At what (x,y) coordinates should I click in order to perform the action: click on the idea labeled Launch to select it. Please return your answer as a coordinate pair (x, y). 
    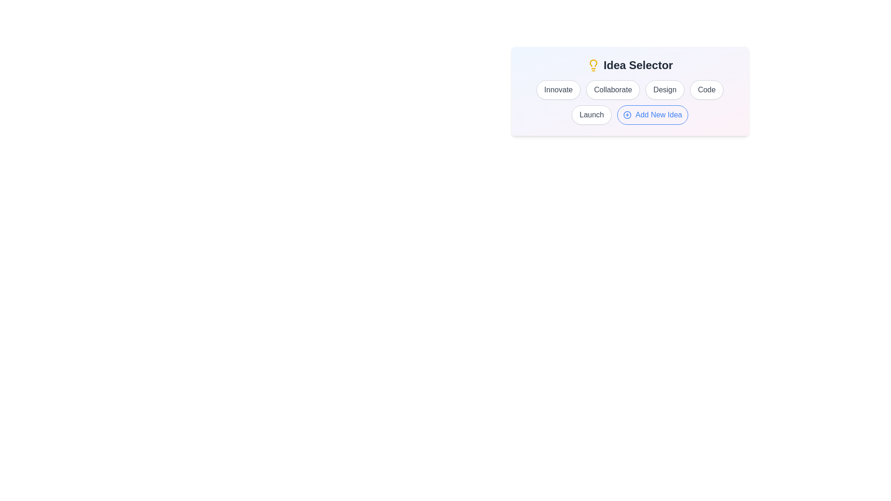
    Looking at the image, I should click on (591, 114).